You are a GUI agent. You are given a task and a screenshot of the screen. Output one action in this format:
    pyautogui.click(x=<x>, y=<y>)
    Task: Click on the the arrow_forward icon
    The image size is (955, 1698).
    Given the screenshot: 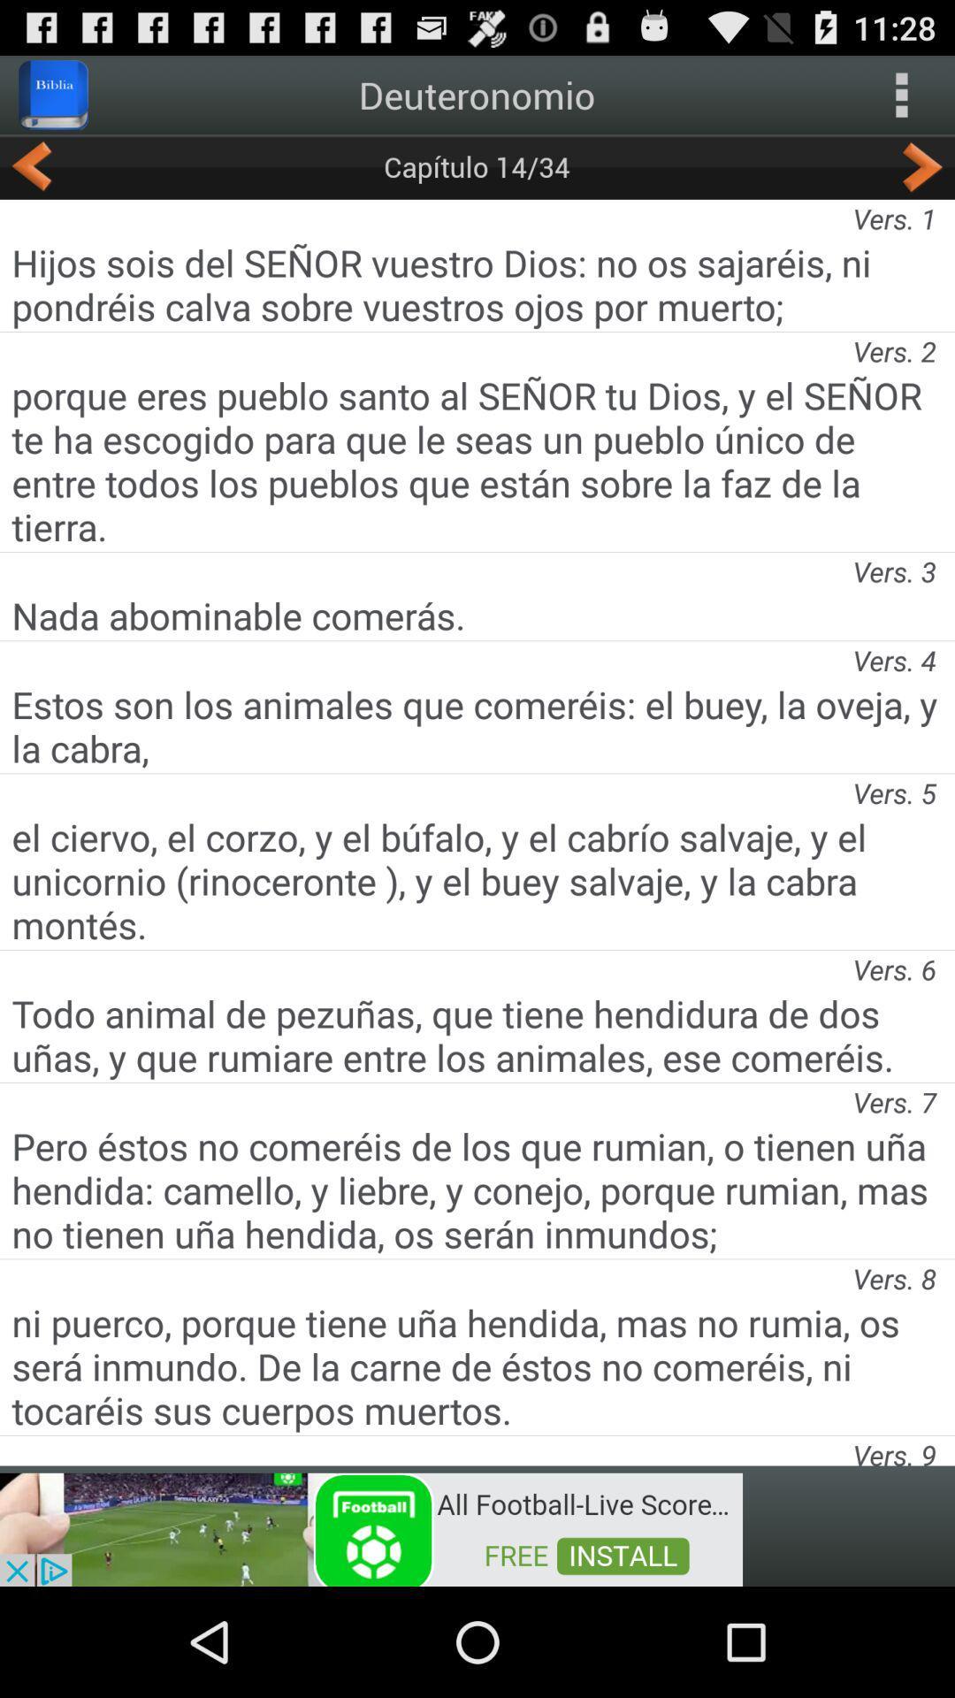 What is the action you would take?
    pyautogui.click(x=921, y=179)
    